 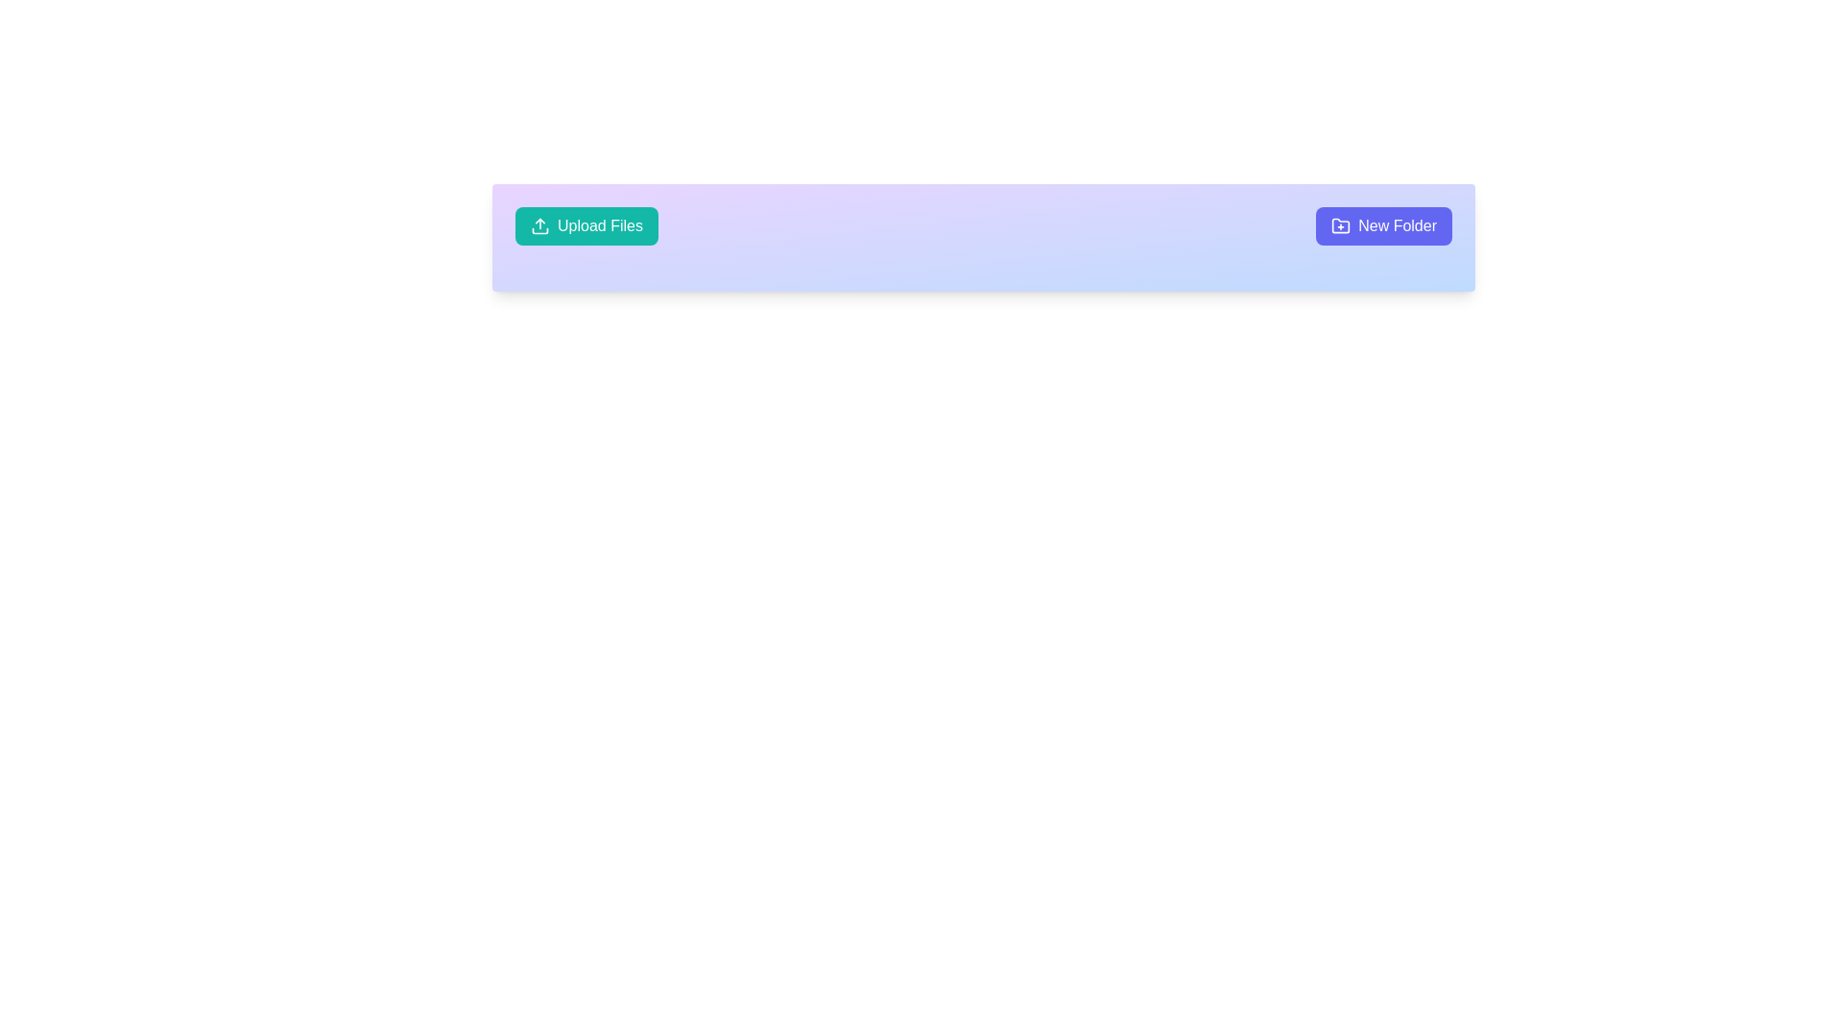 What do you see at coordinates (1384, 224) in the screenshot?
I see `the 'New Folder' button with a purple background and a folder icon` at bounding box center [1384, 224].